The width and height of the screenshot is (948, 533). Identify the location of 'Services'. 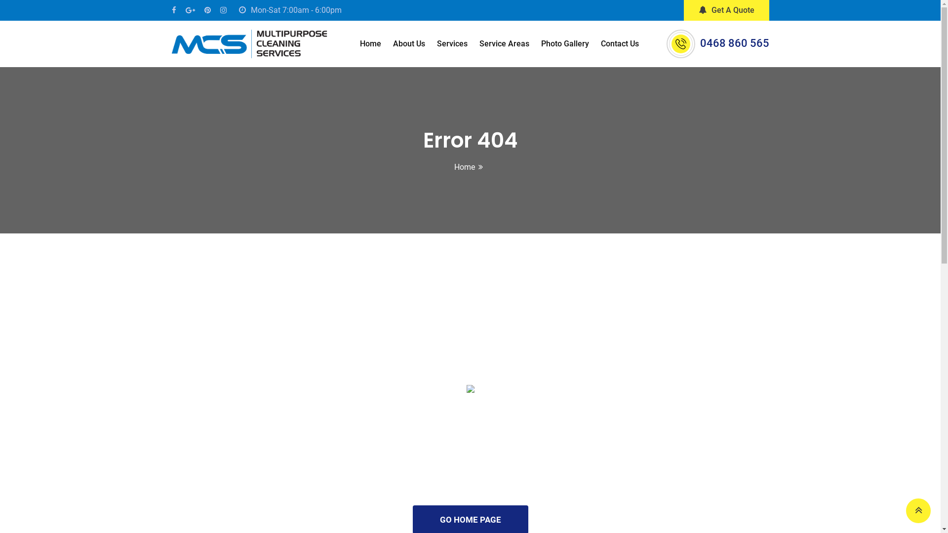
(452, 43).